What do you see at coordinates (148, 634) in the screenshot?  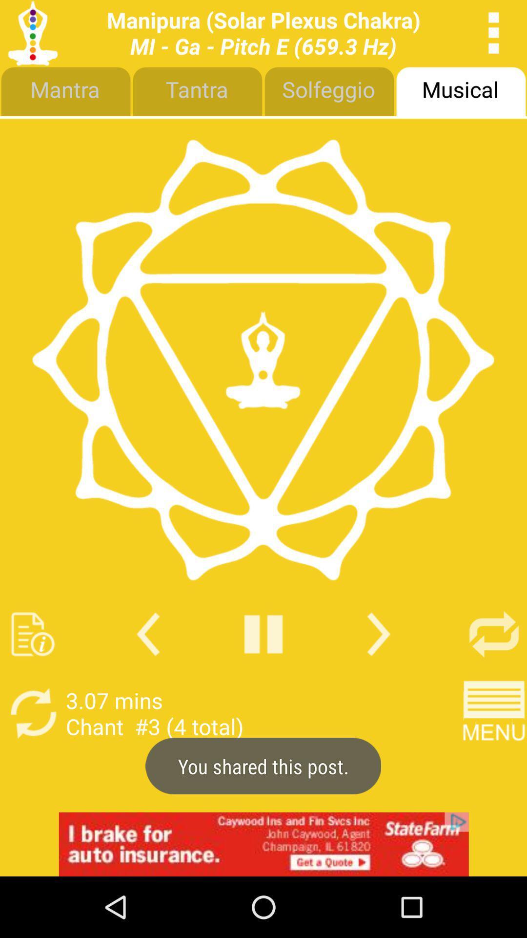 I see `previous` at bounding box center [148, 634].